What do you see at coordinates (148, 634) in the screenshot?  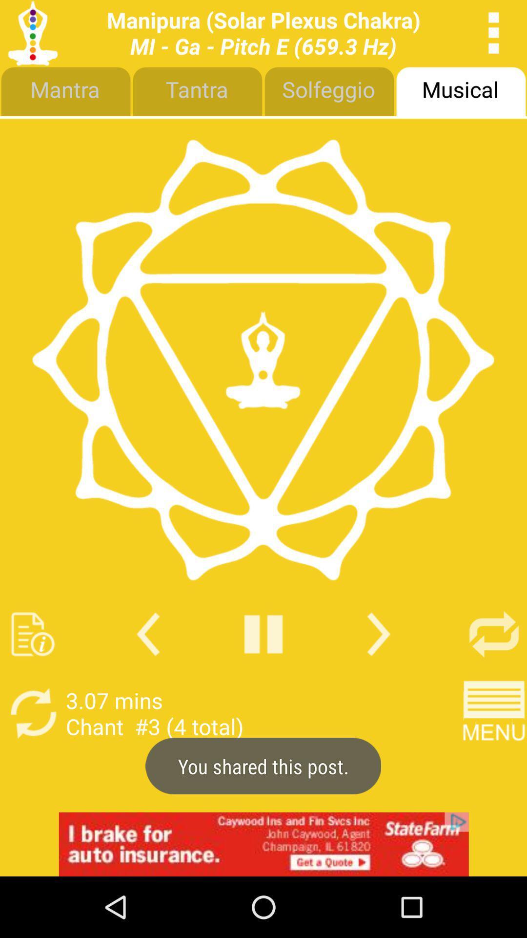 I see `previous` at bounding box center [148, 634].